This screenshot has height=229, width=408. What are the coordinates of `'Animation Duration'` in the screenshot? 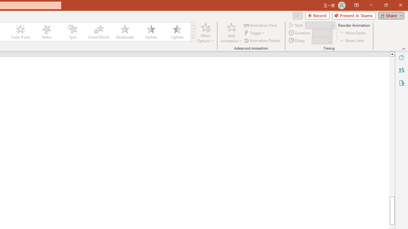 It's located at (320, 33).